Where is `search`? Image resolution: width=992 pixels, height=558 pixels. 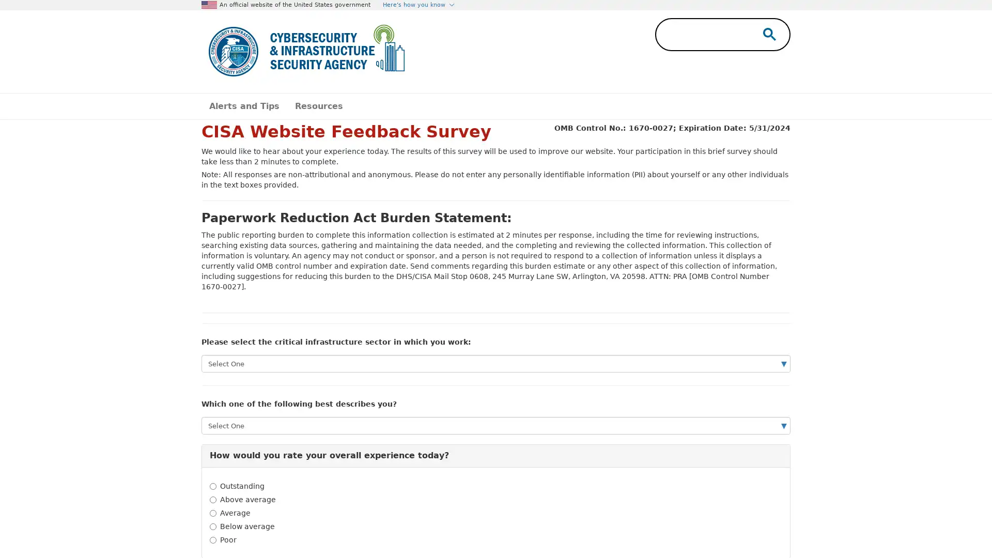
search is located at coordinates (767, 33).